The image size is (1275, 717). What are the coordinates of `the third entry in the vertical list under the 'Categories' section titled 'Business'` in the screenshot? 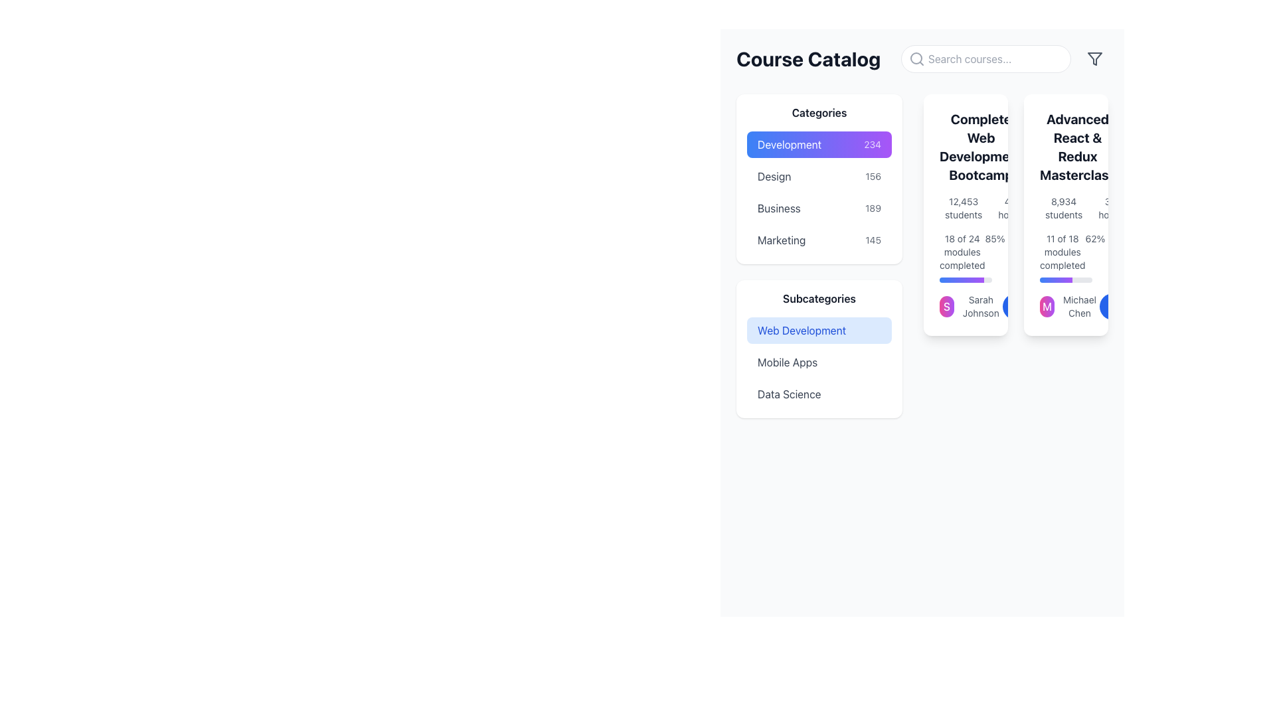 It's located at (818, 208).